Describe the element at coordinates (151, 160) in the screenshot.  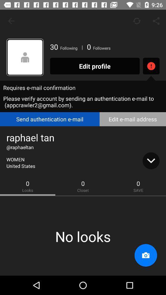
I see `more information` at that location.